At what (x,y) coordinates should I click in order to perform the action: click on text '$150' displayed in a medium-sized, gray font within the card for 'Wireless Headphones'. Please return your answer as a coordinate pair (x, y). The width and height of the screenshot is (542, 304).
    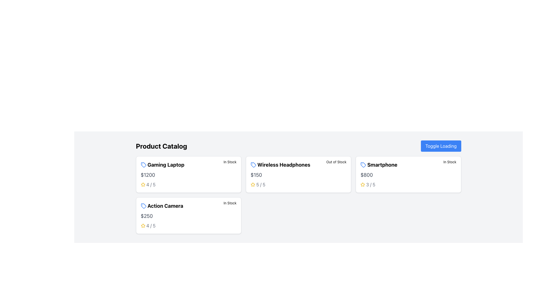
    Looking at the image, I should click on (256, 175).